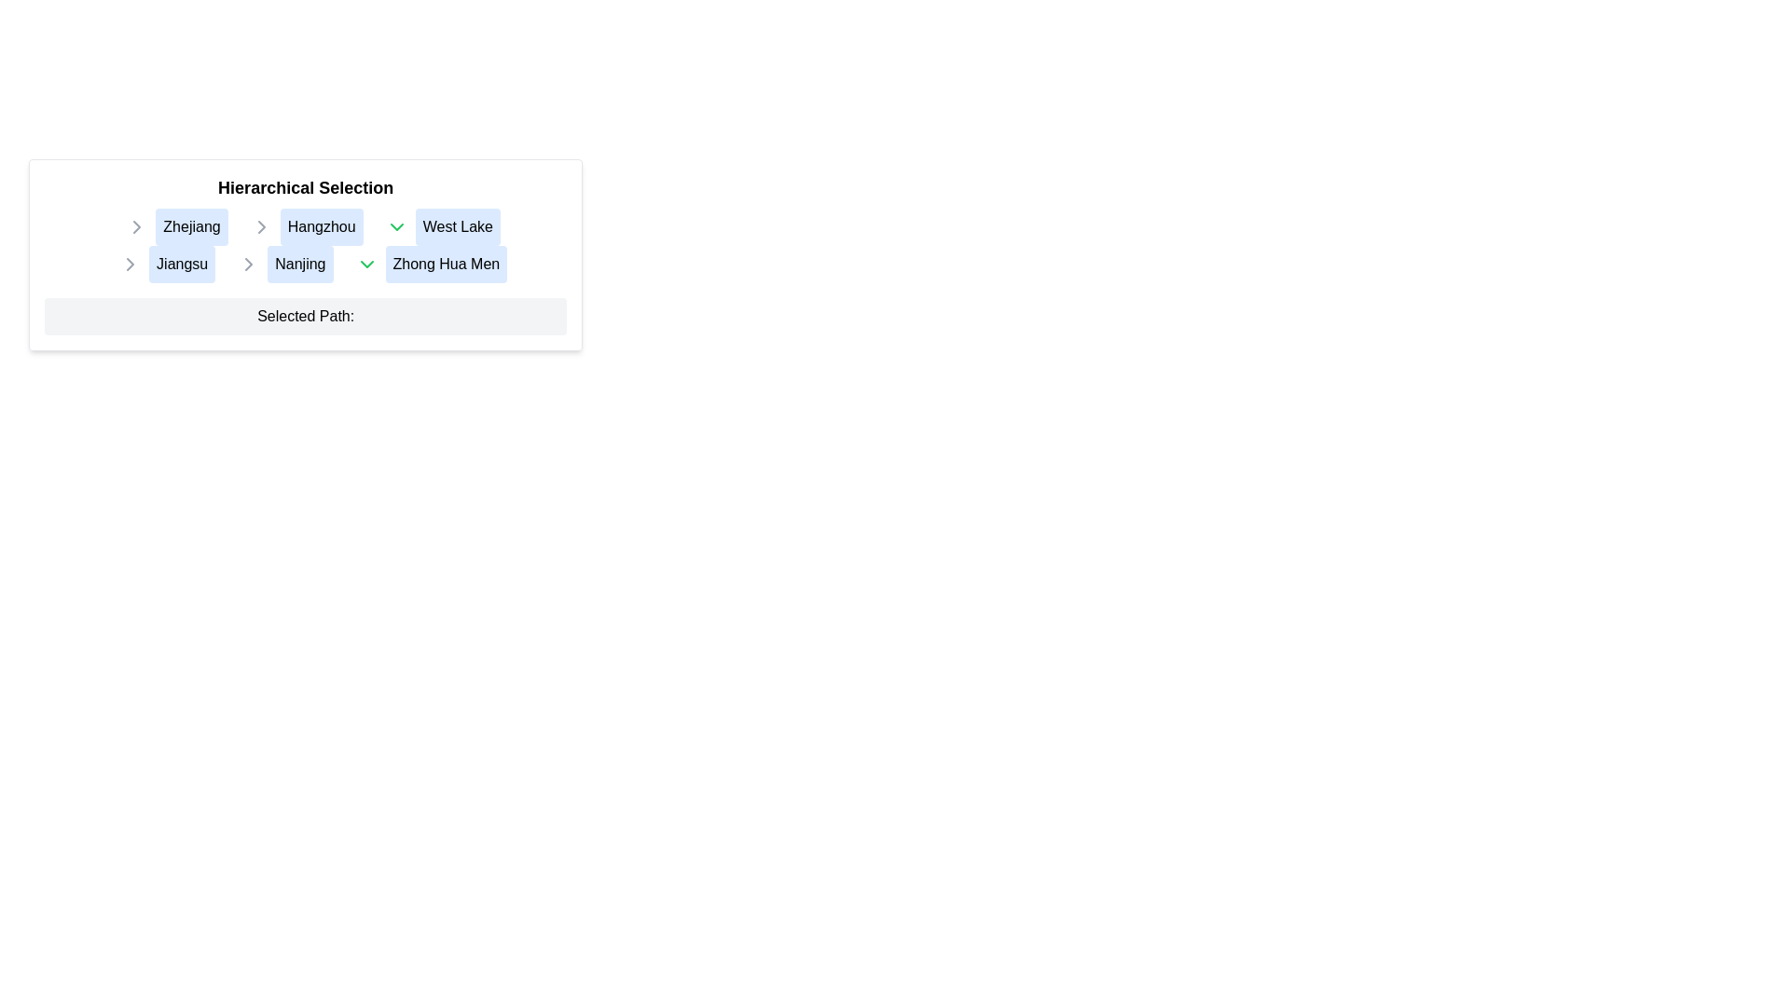 The height and width of the screenshot is (1006, 1790). I want to click on the chevron icon pointing right, located to the left of the text 'Zhejiang', so click(260, 225).